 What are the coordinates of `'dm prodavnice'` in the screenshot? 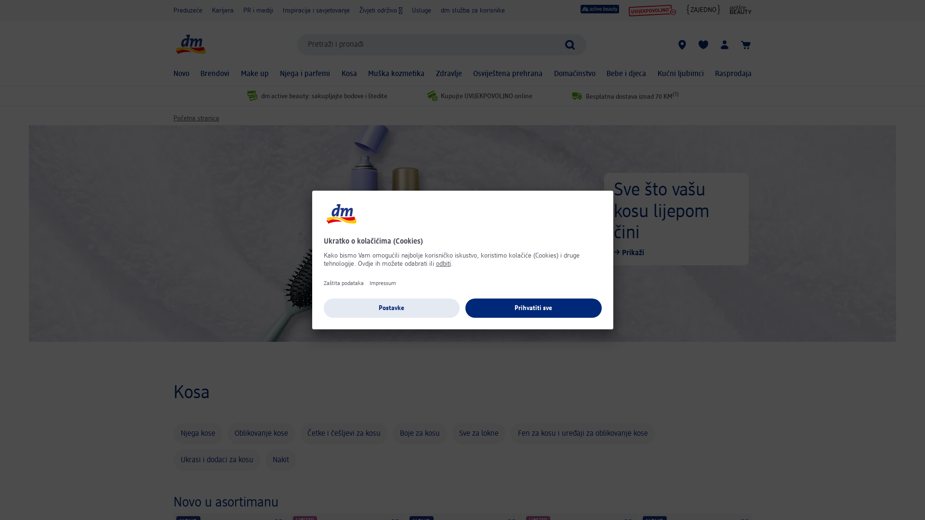 It's located at (675, 44).